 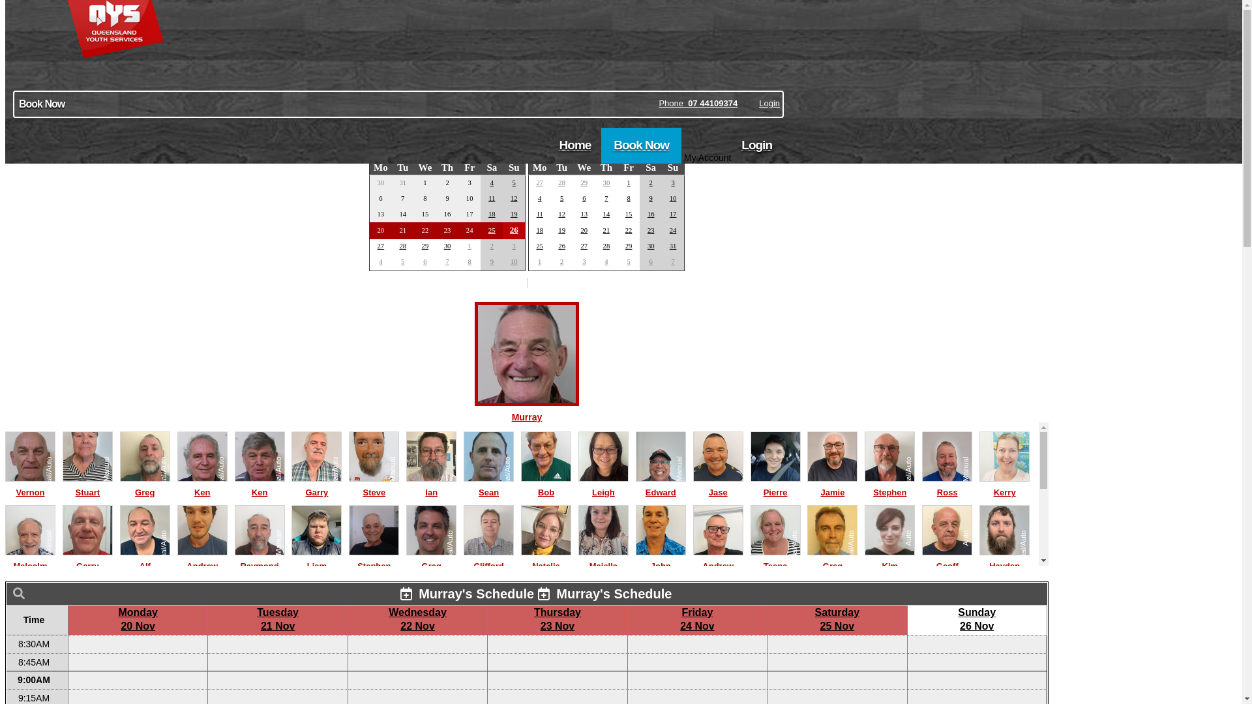 I want to click on '11', so click(x=490, y=198).